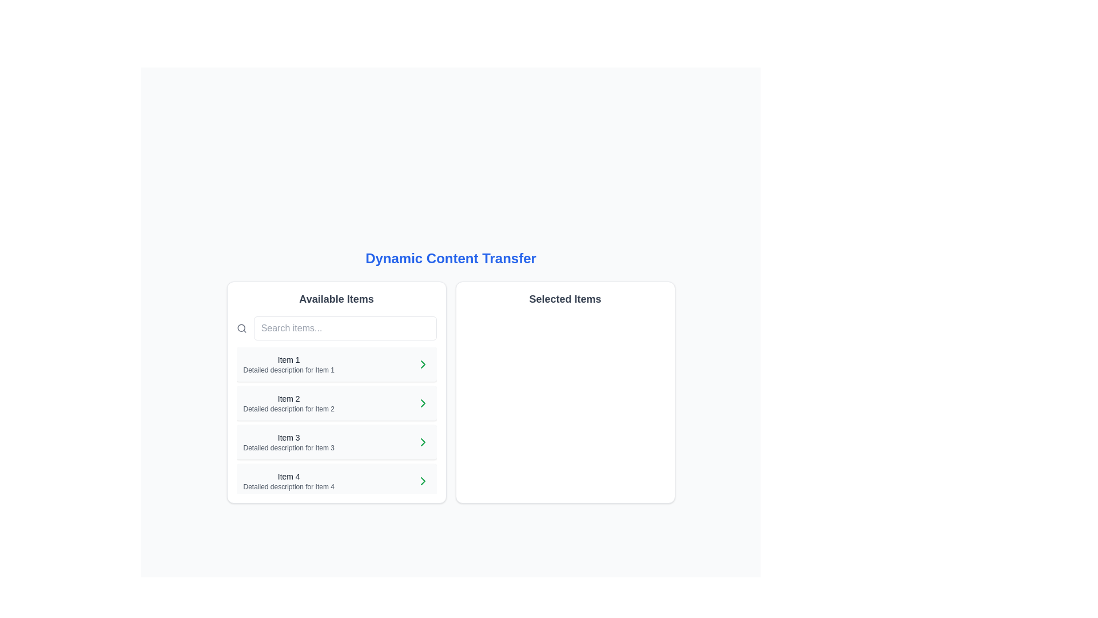 Image resolution: width=1098 pixels, height=618 pixels. What do you see at coordinates (289, 487) in the screenshot?
I see `the text label providing additional information for 'Item 4' located under the 'Available Items' section` at bounding box center [289, 487].